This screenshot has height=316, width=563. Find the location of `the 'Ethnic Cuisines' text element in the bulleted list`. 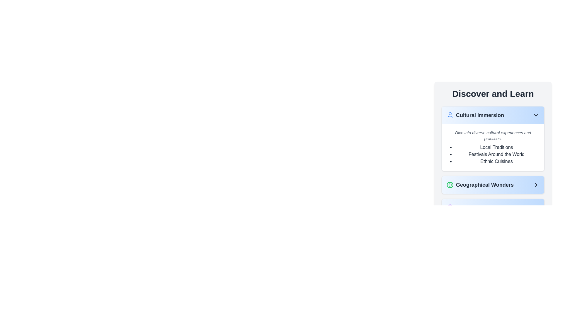

the 'Ethnic Cuisines' text element in the bulleted list is located at coordinates (496, 161).